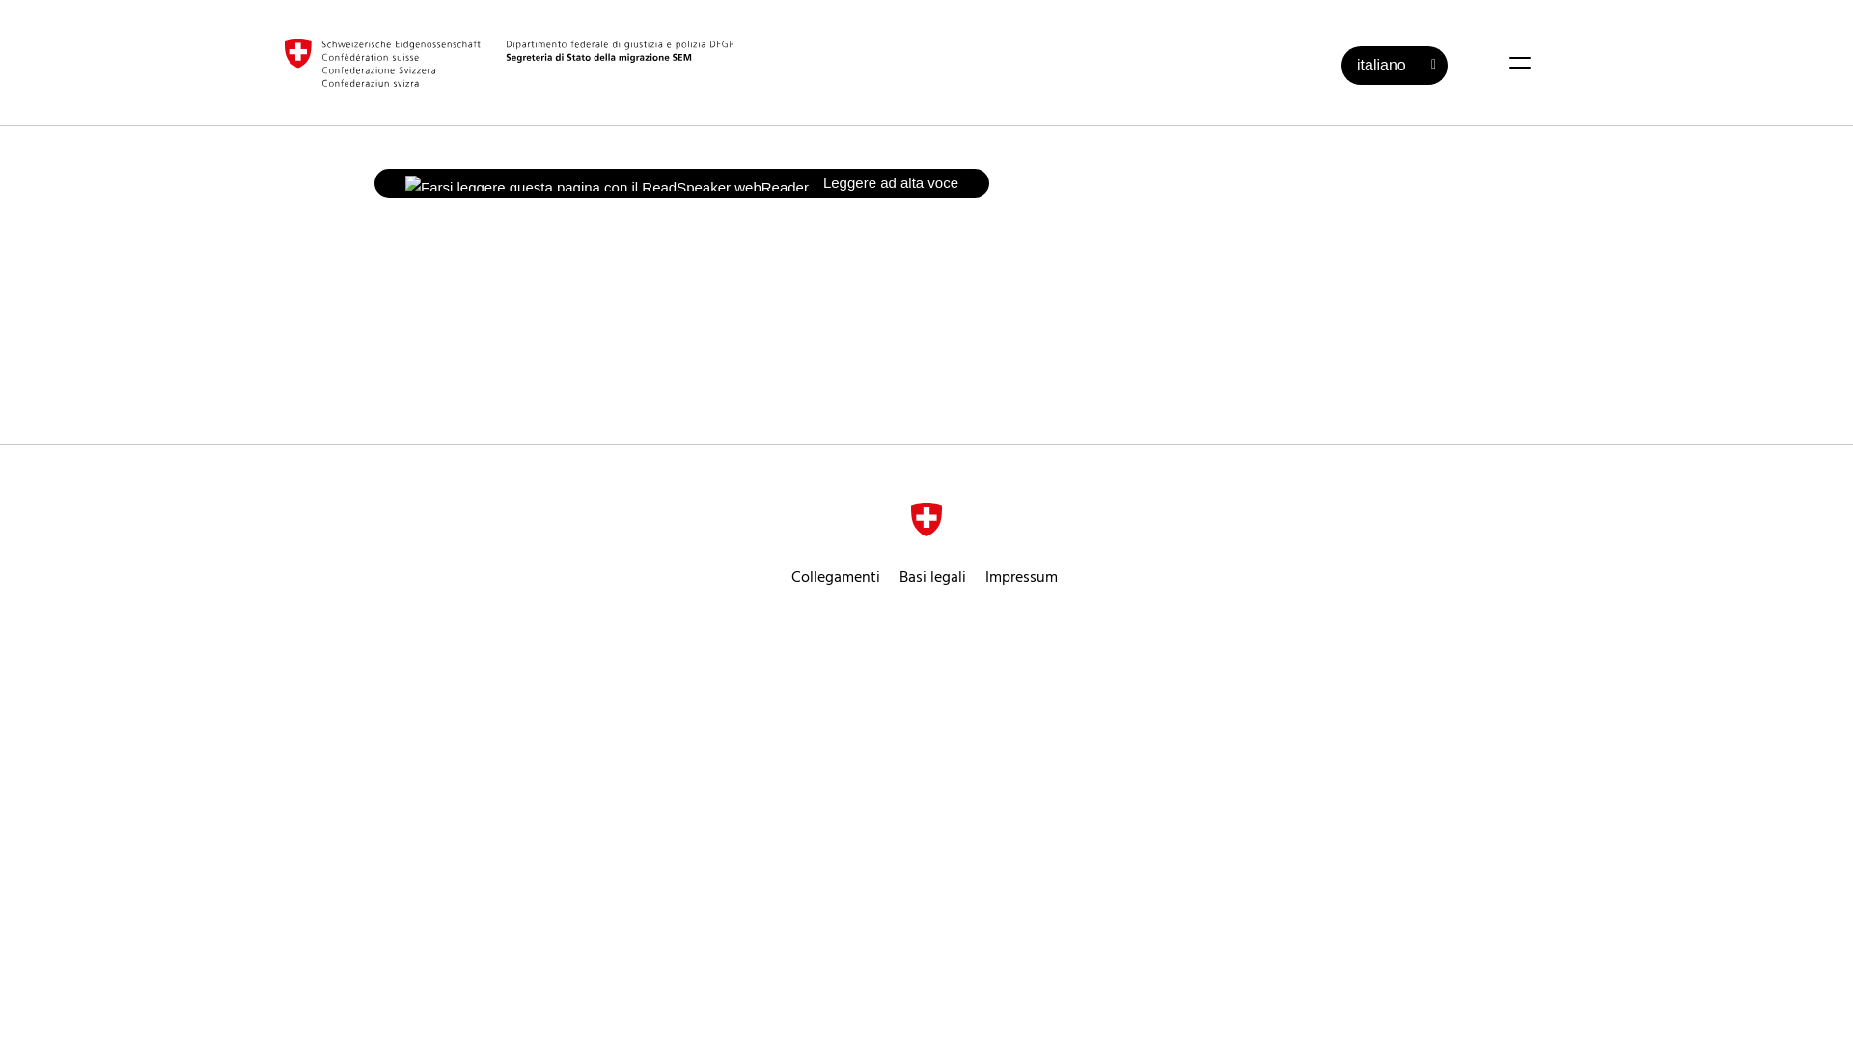 The width and height of the screenshot is (1853, 1042). What do you see at coordinates (835, 576) in the screenshot?
I see `'Collegamenti'` at bounding box center [835, 576].